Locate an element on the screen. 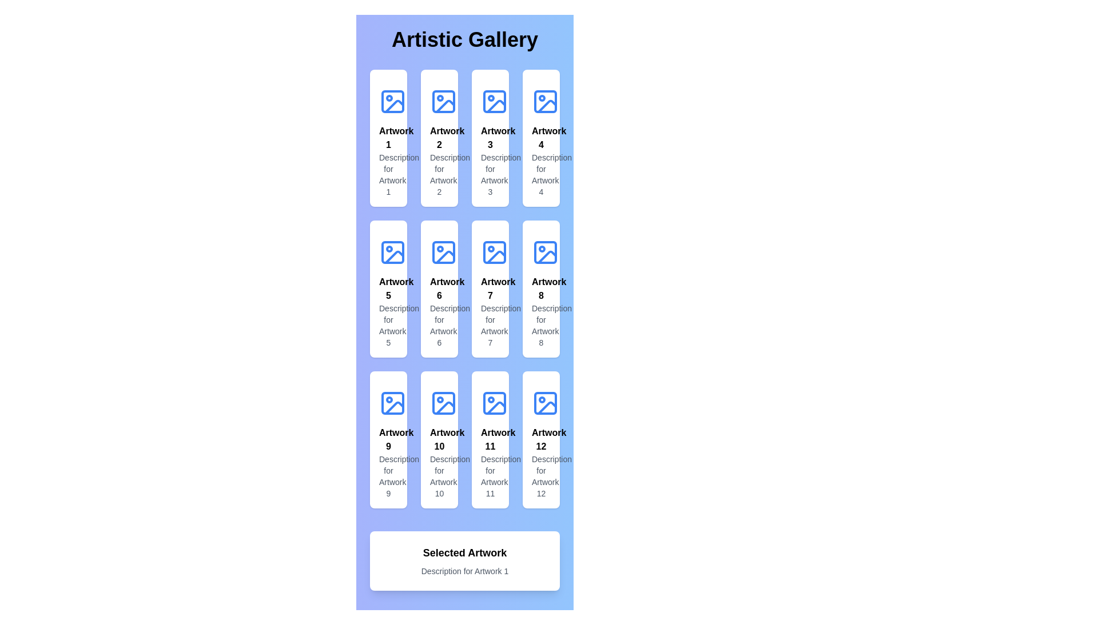 This screenshot has height=617, width=1098. large, bold header text element that says 'Artistic Gallery', which is positioned at the top center of the page is located at coordinates (464, 39).